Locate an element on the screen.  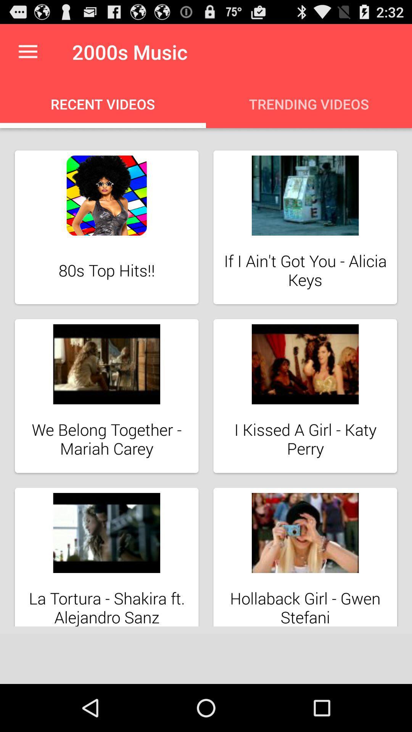
icon above if i aint got you  alicia keys is located at coordinates (305, 196).